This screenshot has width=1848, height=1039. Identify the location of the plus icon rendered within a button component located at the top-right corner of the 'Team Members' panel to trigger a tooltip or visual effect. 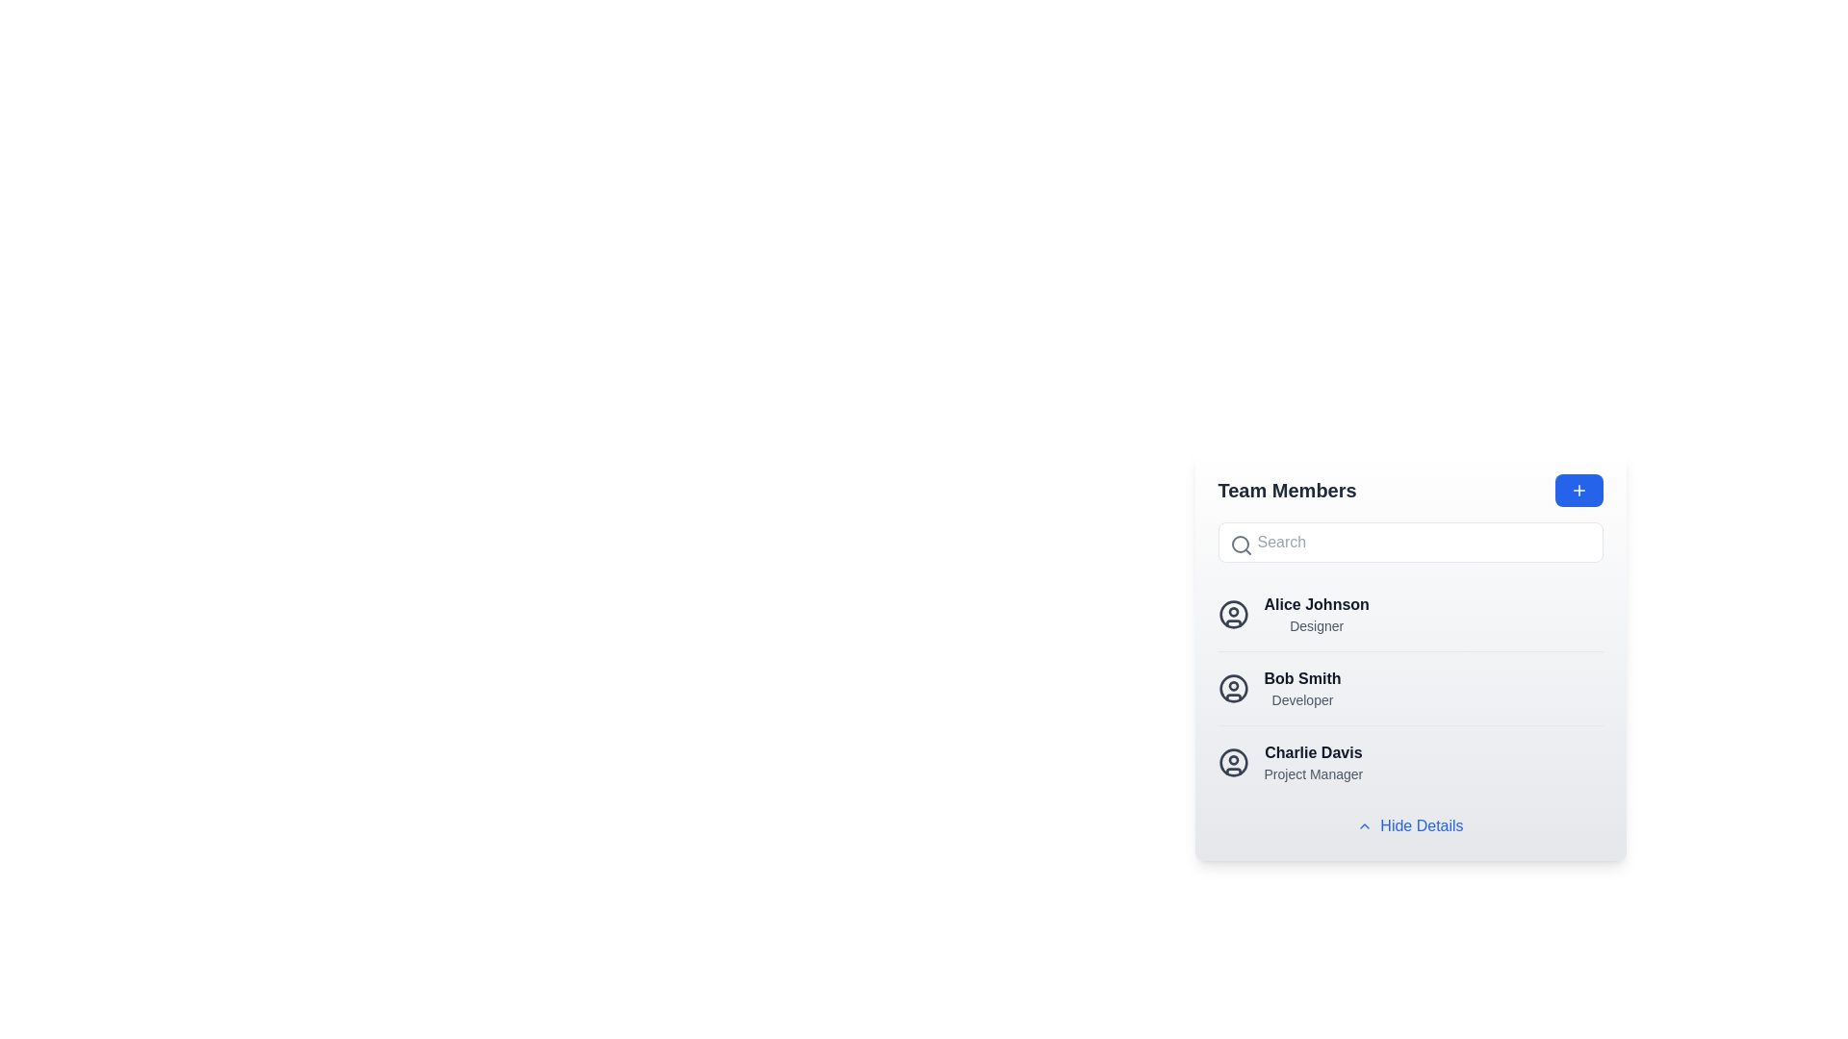
(1578, 489).